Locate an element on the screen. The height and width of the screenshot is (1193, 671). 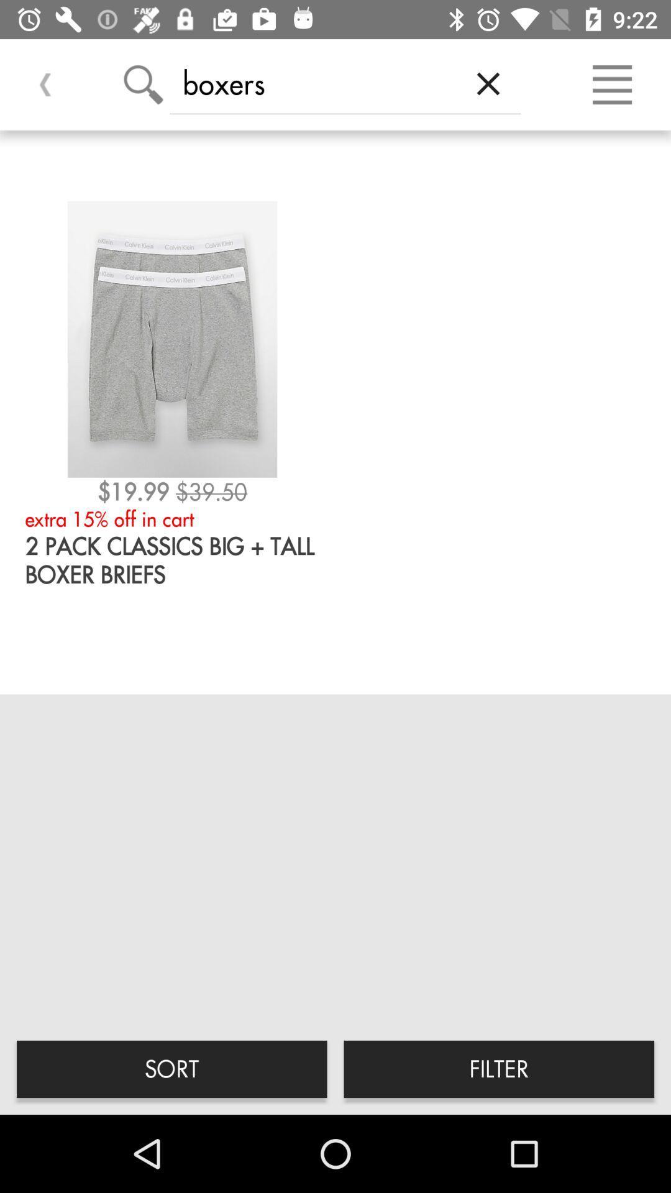
boxers icon is located at coordinates (312, 83).